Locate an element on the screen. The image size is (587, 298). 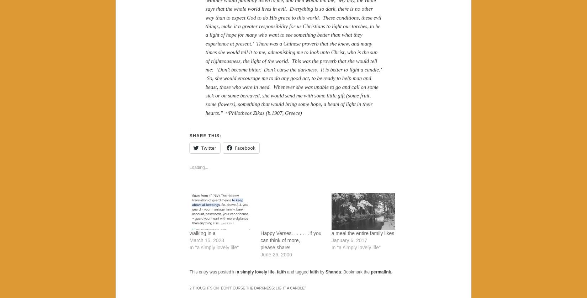
'. Bookmark the' is located at coordinates (356, 271).